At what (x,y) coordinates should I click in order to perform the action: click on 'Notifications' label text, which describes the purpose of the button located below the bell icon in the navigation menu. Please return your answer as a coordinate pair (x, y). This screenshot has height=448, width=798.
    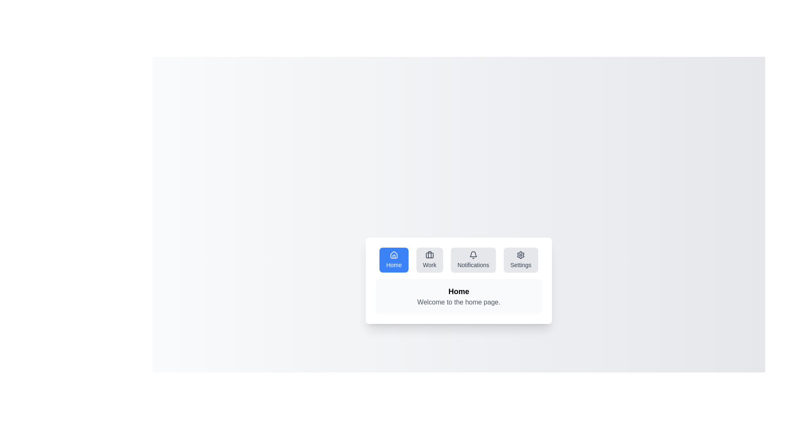
    Looking at the image, I should click on (473, 265).